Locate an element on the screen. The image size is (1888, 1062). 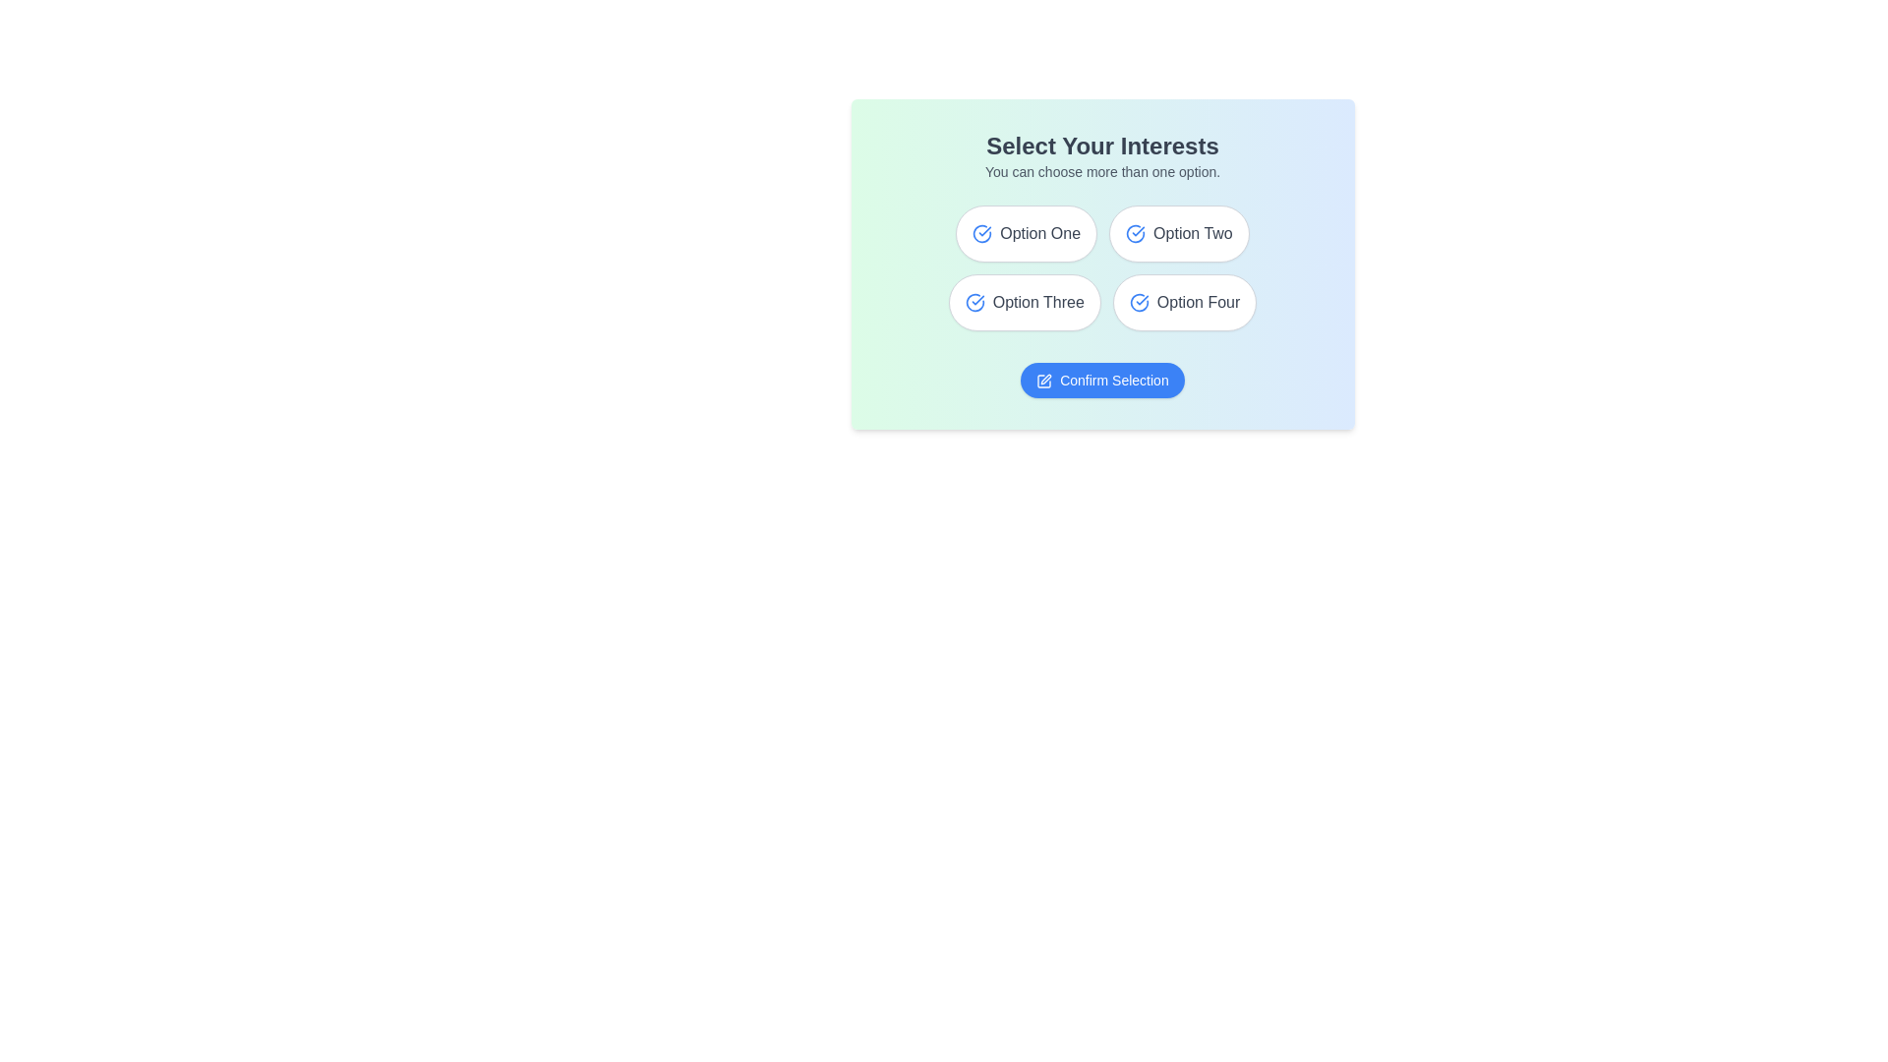
the option Option One to observe the hover effect is located at coordinates (1026, 233).